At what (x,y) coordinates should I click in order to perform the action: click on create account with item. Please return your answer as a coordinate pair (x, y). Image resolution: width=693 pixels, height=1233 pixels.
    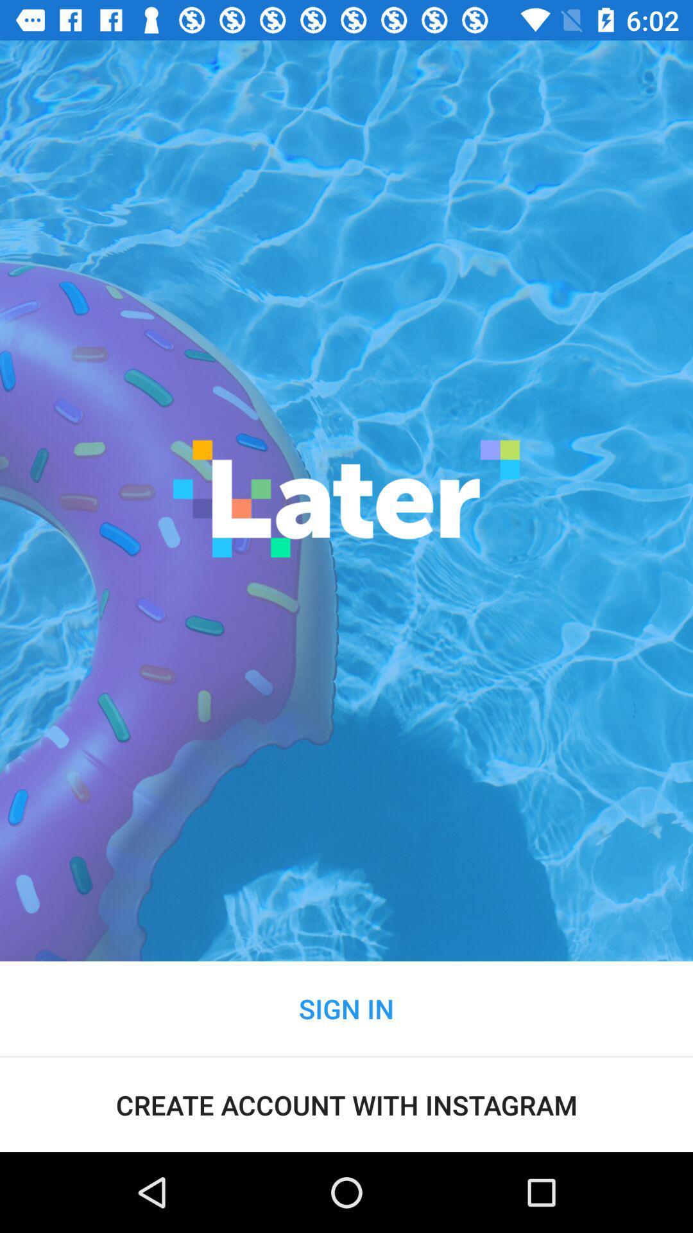
    Looking at the image, I should click on (346, 1104).